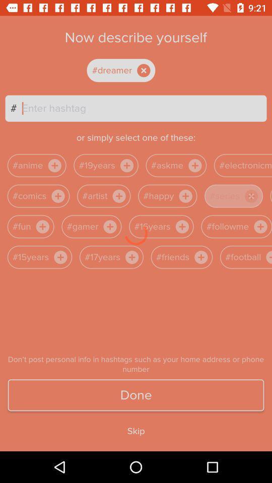 This screenshot has width=272, height=483. Describe the element at coordinates (129, 70) in the screenshot. I see `dreamer ash tag` at that location.